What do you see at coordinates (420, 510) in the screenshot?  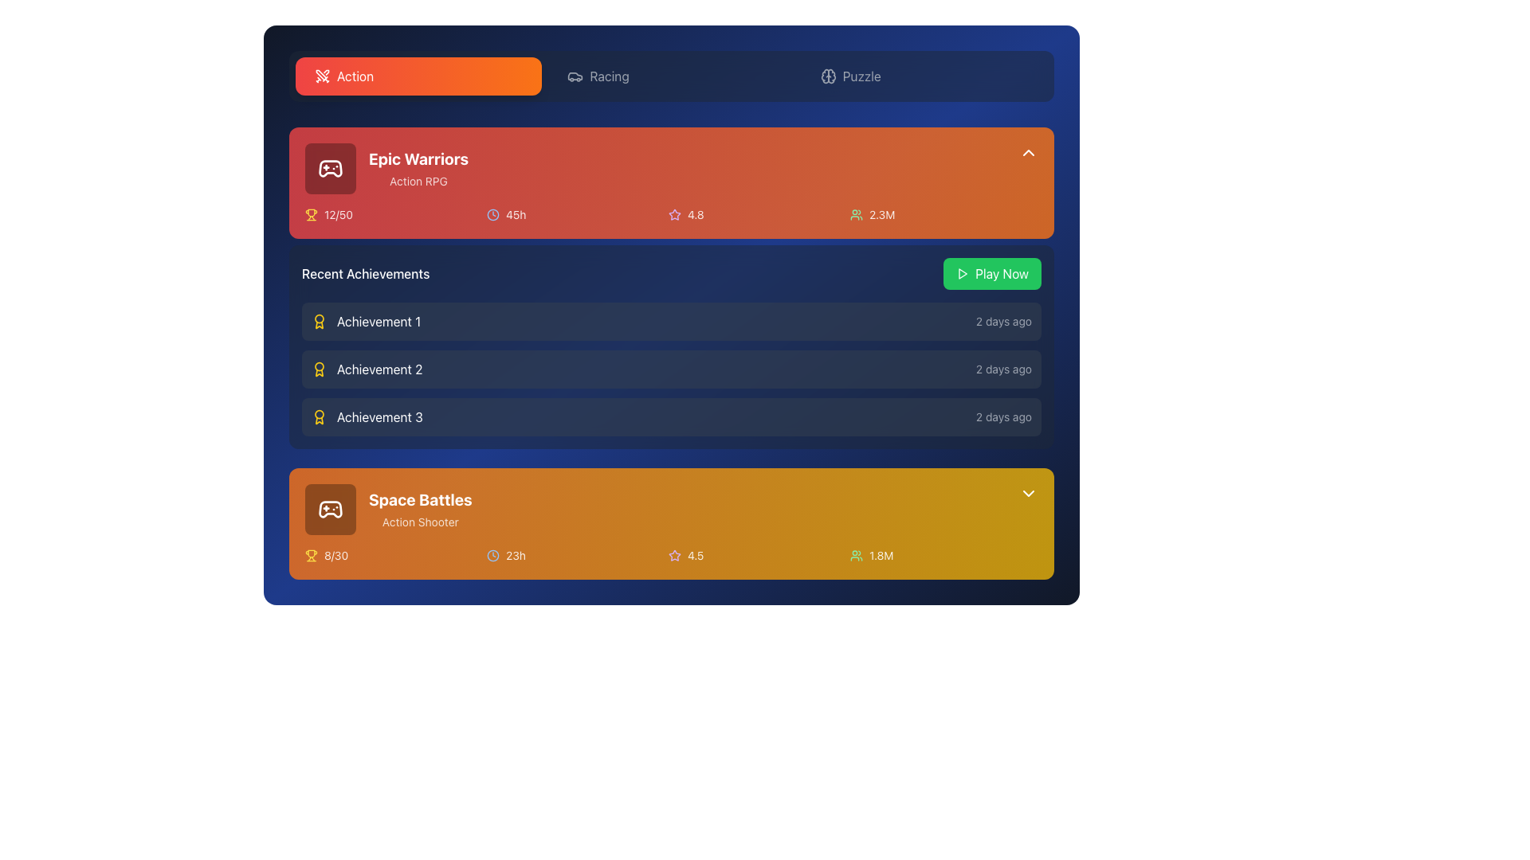 I see `the text label that provides the title and genre description of the game, which is centrally placed within the orange-colored card layout for 'Space Battles'` at bounding box center [420, 510].